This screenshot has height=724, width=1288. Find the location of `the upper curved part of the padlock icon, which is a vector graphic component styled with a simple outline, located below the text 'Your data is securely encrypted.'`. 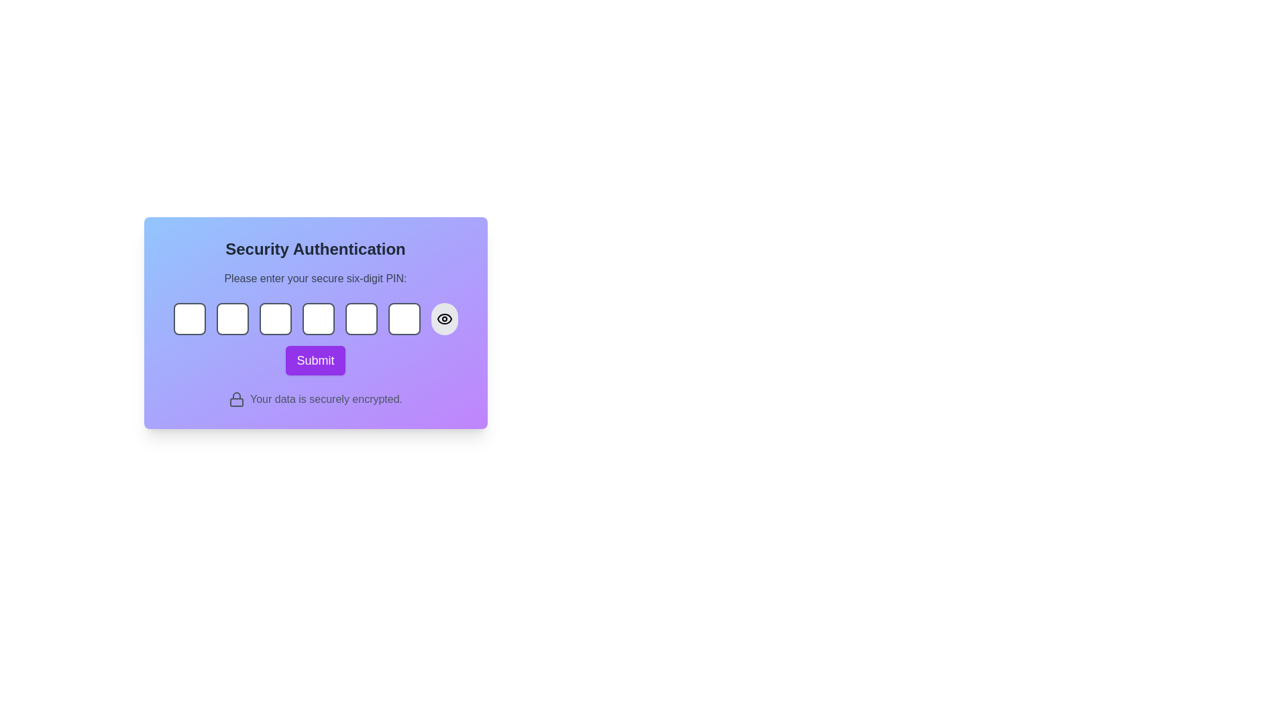

the upper curved part of the padlock icon, which is a vector graphic component styled with a simple outline, located below the text 'Your data is securely encrypted.' is located at coordinates (236, 395).